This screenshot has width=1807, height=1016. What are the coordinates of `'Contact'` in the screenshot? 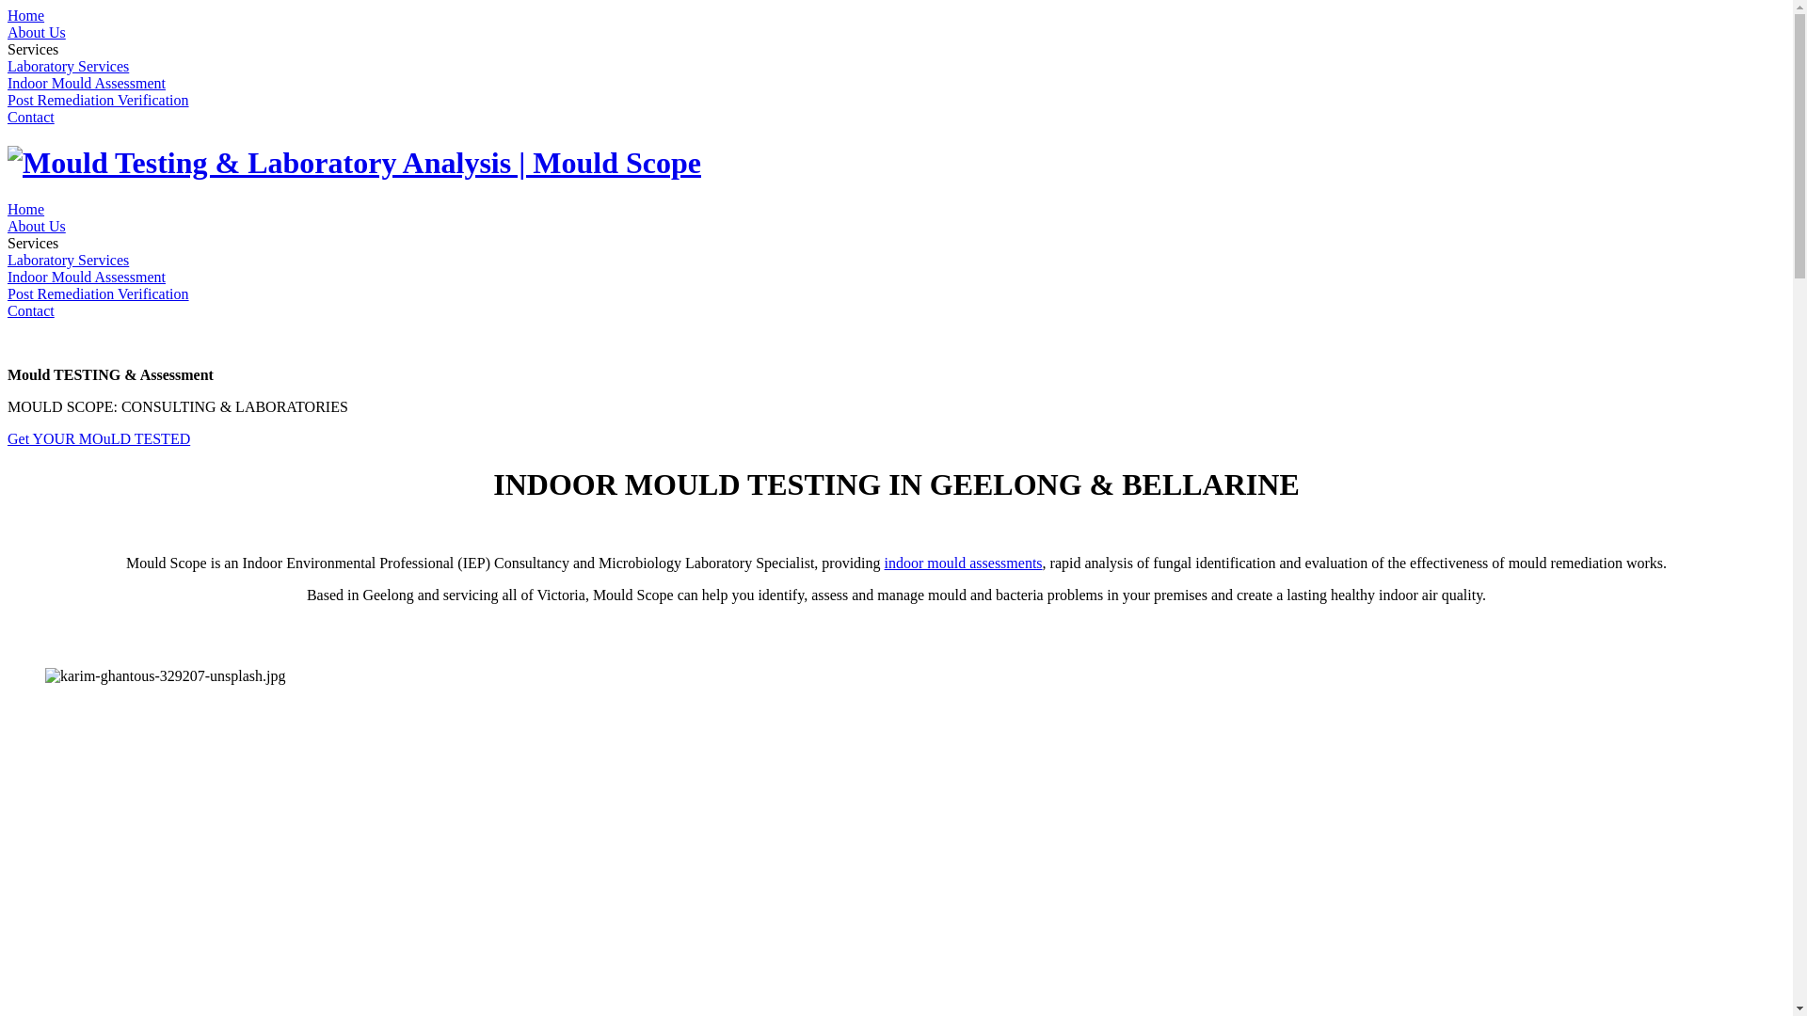 It's located at (31, 117).